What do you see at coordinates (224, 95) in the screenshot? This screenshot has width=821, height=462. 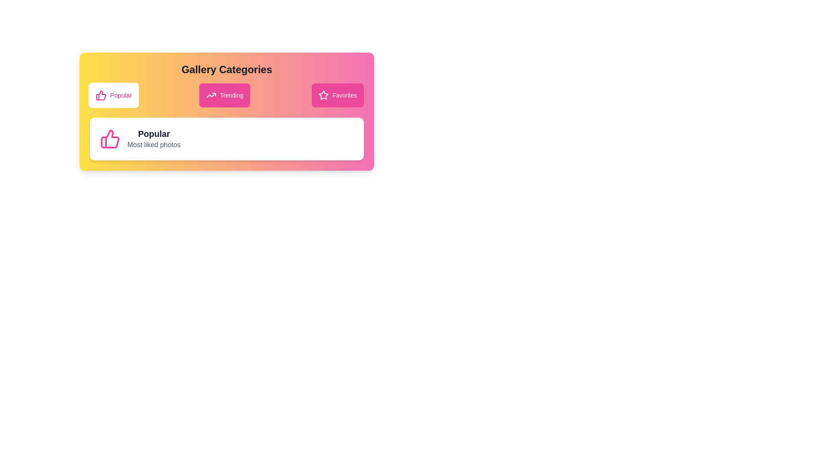 I see `the 'Trending' button located in the 'Gallery Categories' section, which is the second button in a row of three, positioned between the 'Popular' and 'Favorites' buttons` at bounding box center [224, 95].